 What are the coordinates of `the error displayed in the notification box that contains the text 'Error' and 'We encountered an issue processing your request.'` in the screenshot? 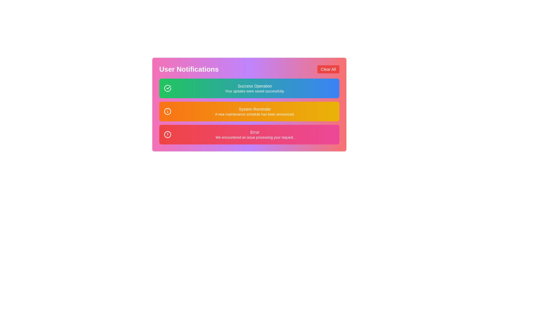 It's located at (255, 135).